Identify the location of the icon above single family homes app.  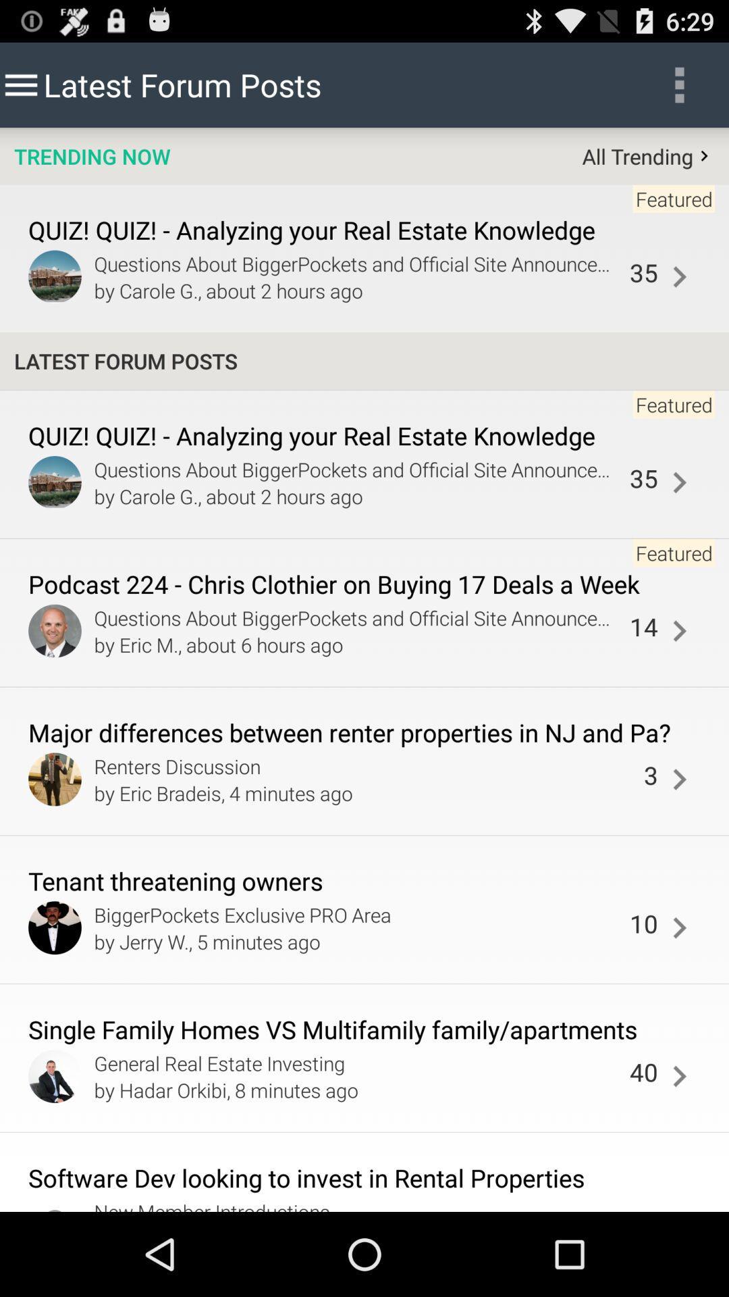
(358, 940).